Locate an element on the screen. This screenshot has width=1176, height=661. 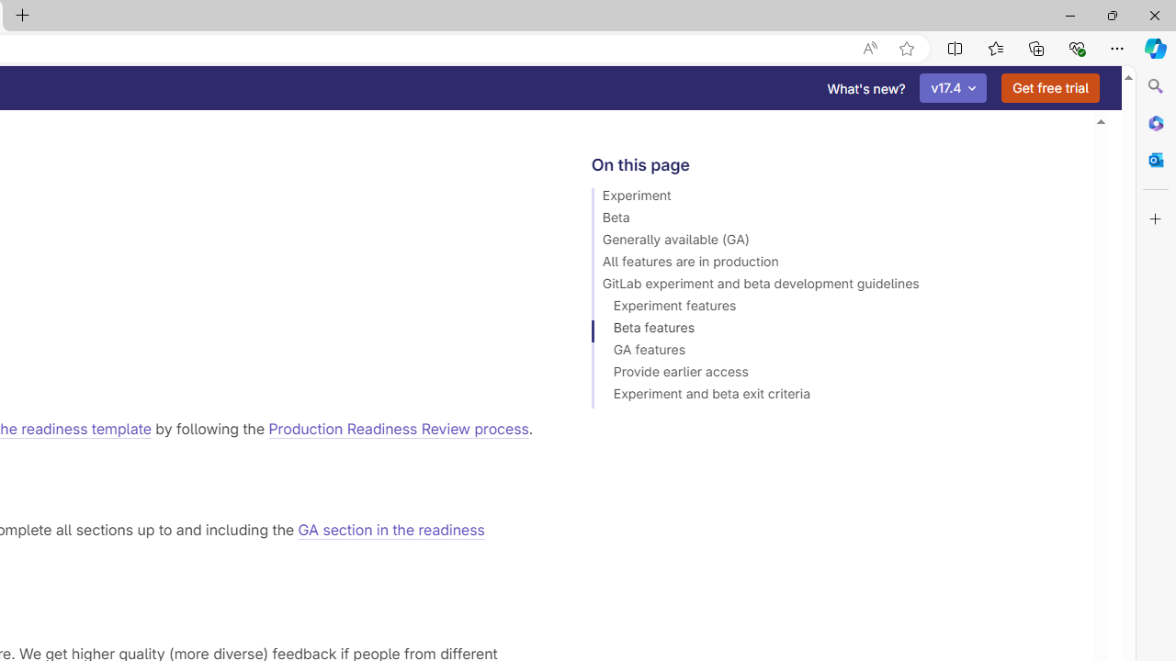
'What' is located at coordinates (865, 88).